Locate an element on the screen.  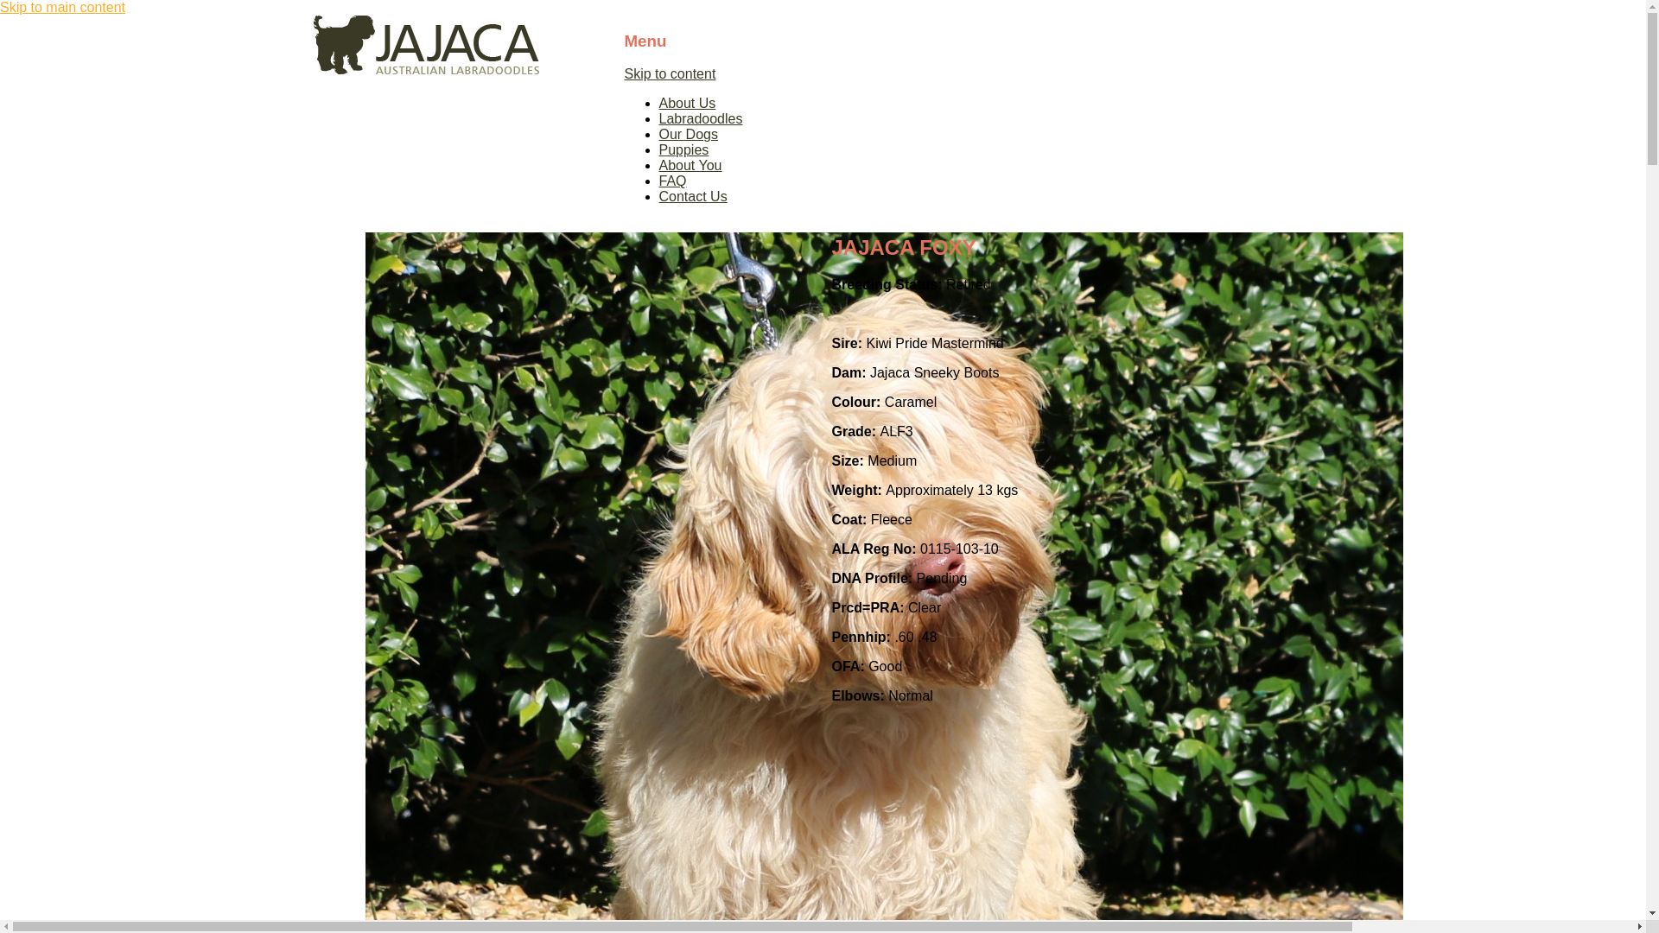
'FAQ' is located at coordinates (671, 181).